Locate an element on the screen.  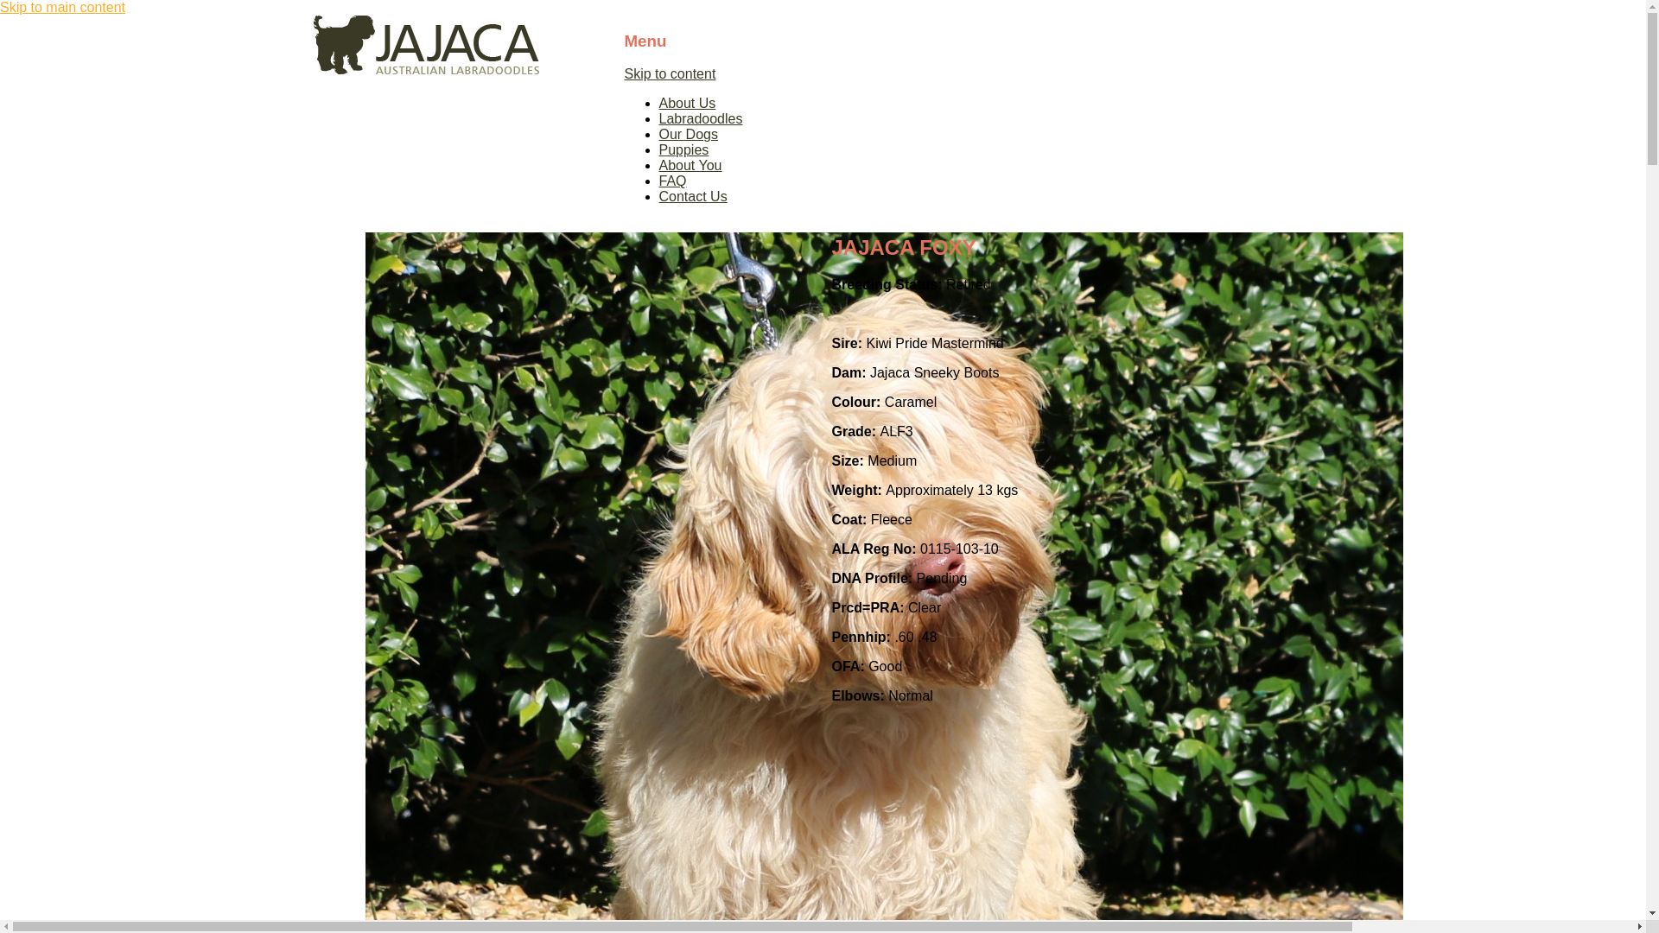
'FAQ' is located at coordinates (671, 181).